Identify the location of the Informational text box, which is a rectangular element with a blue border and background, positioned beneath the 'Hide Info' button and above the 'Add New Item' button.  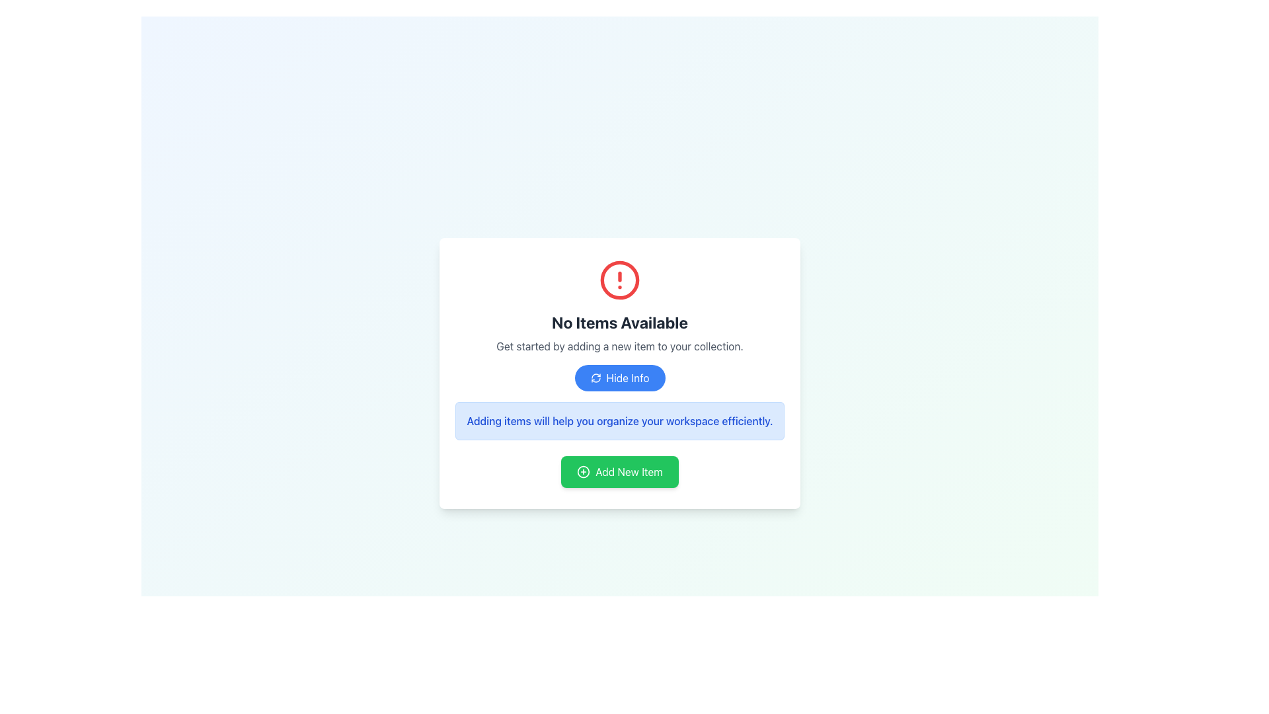
(619, 420).